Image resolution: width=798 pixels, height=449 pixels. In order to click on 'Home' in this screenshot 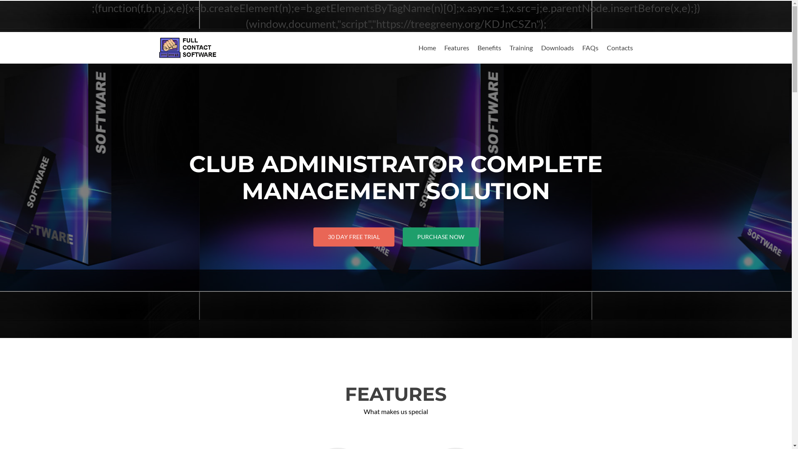, I will do `click(427, 47)`.